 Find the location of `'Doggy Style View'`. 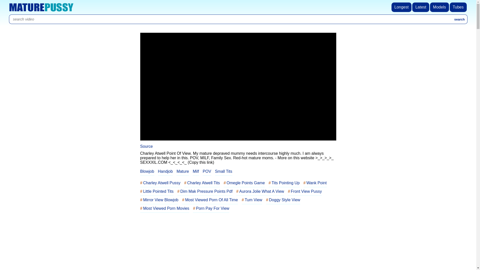

'Doggy Style View' is located at coordinates (283, 199).